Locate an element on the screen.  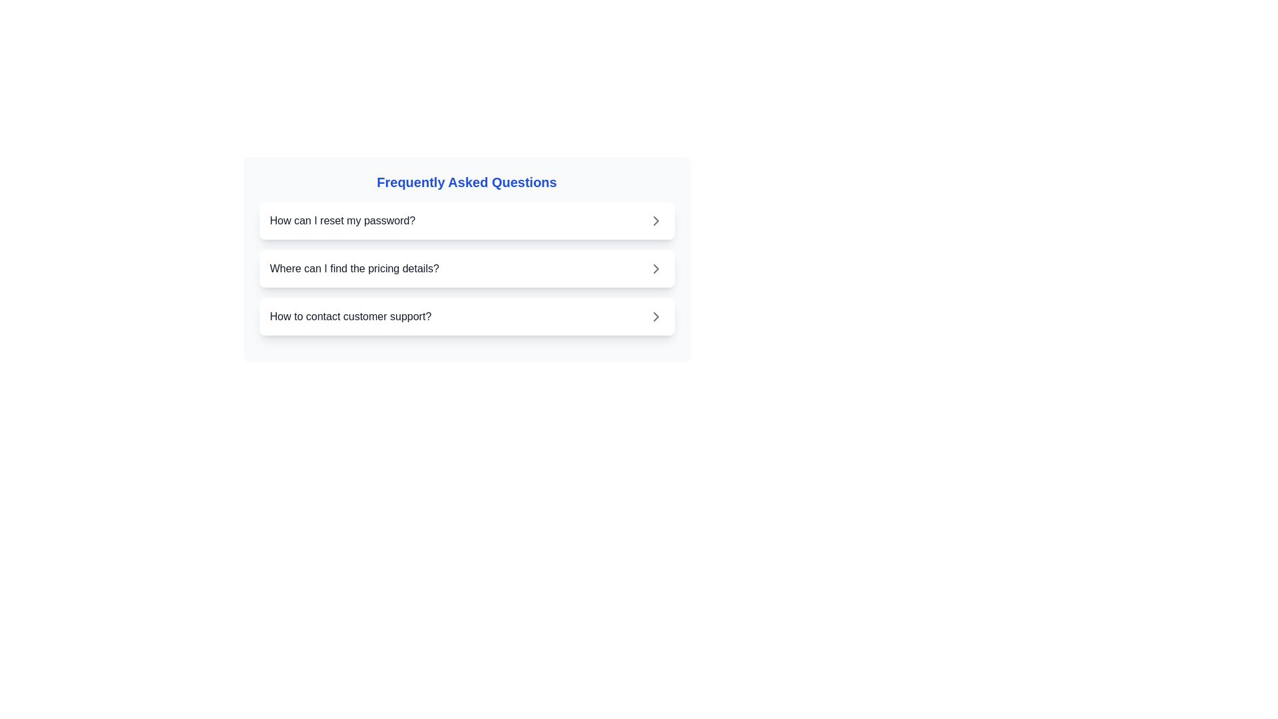
the right-pointing chevron icon located to the right of the text 'How to contact customer support?' is located at coordinates (656, 316).